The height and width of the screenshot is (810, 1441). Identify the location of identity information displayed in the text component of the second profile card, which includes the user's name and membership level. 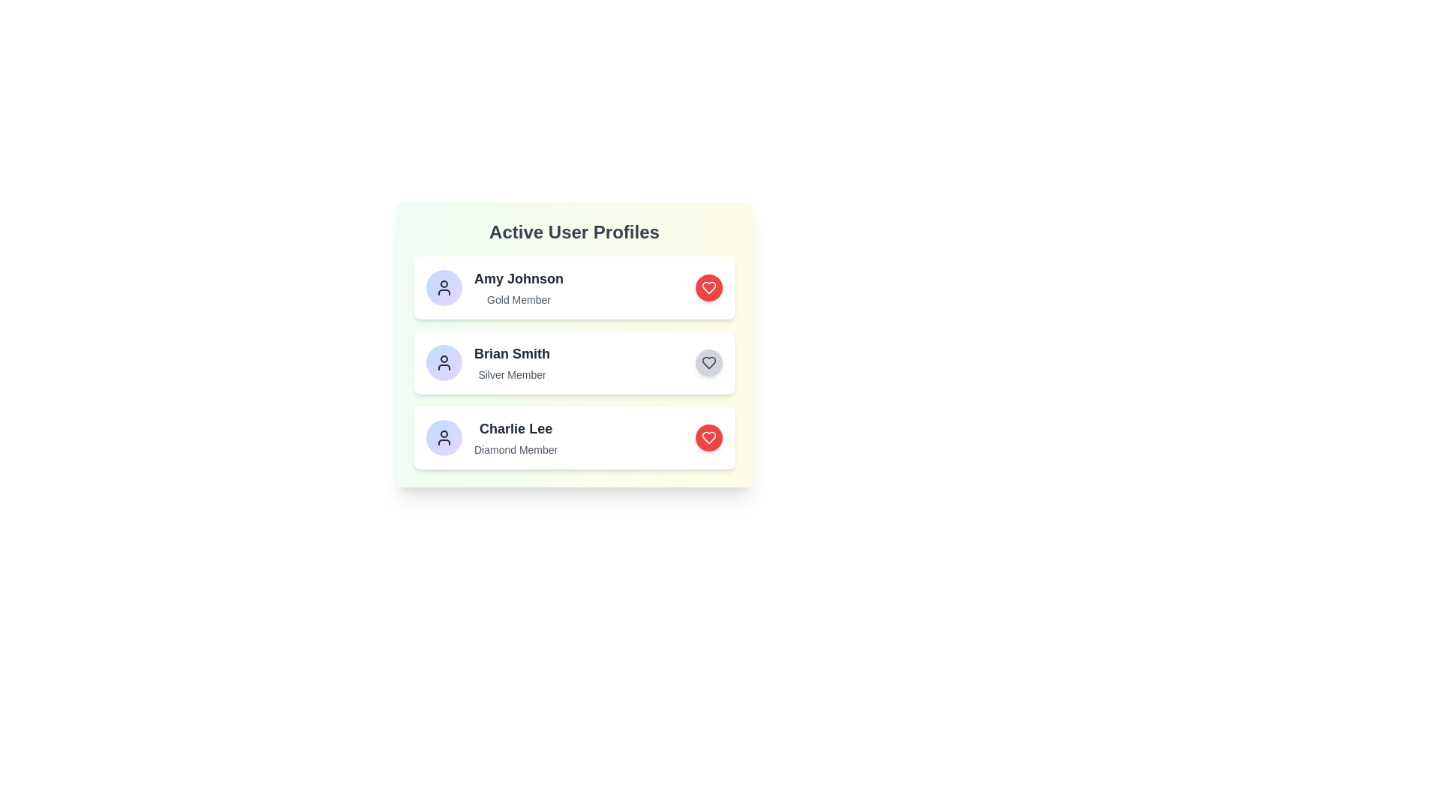
(512, 362).